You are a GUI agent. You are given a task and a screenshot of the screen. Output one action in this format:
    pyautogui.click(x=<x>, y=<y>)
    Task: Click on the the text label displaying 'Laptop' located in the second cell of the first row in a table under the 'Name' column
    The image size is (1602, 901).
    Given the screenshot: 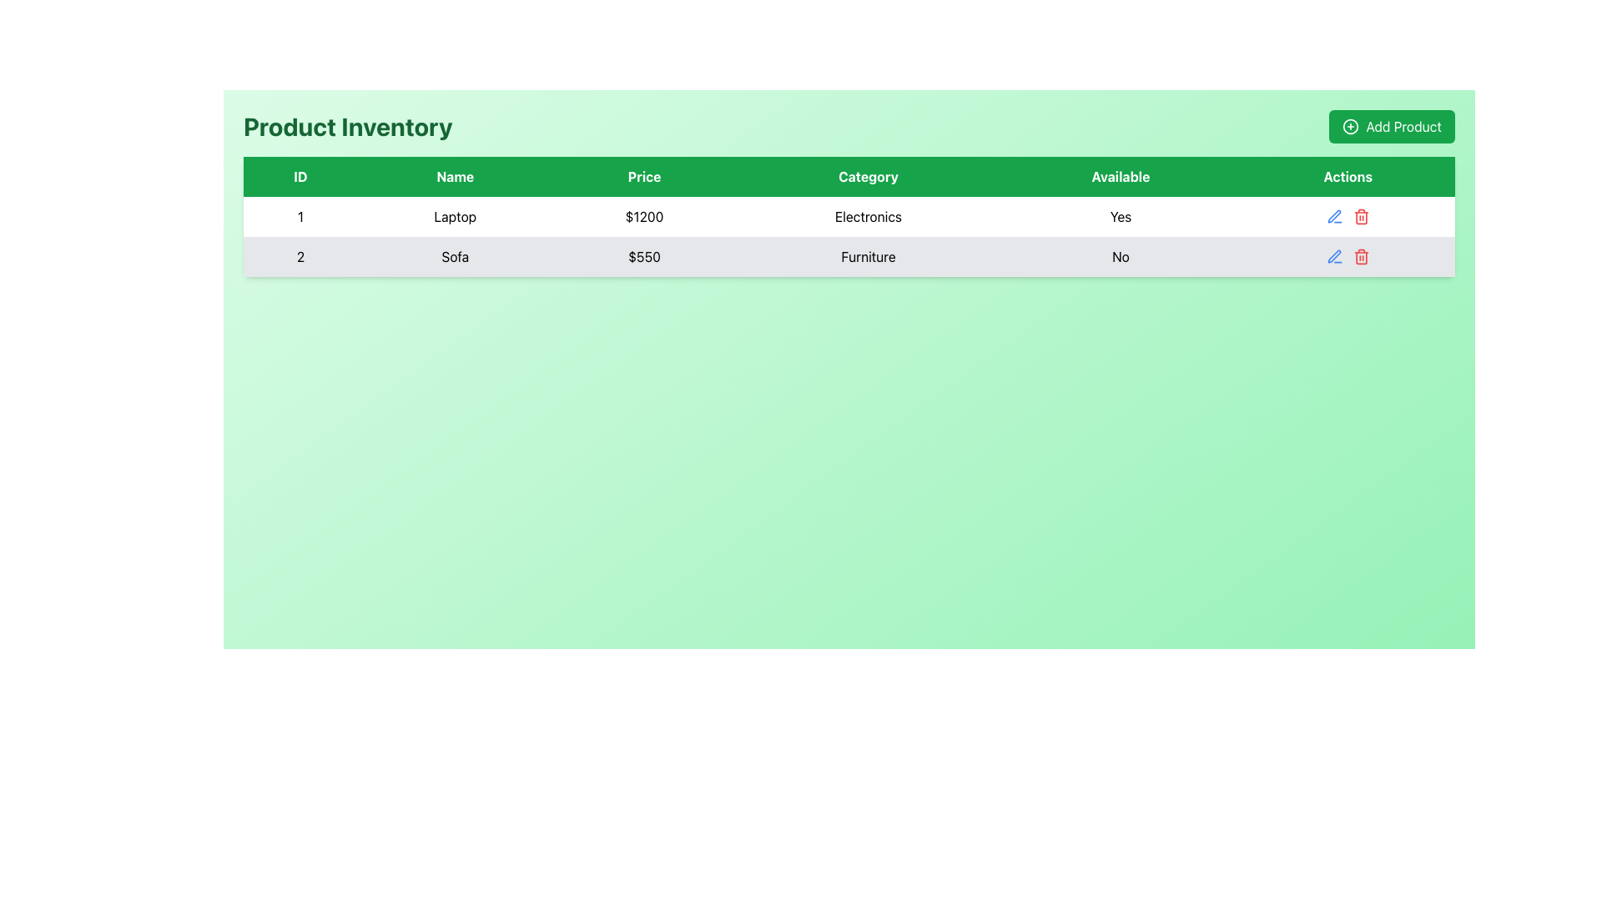 What is the action you would take?
    pyautogui.click(x=455, y=215)
    